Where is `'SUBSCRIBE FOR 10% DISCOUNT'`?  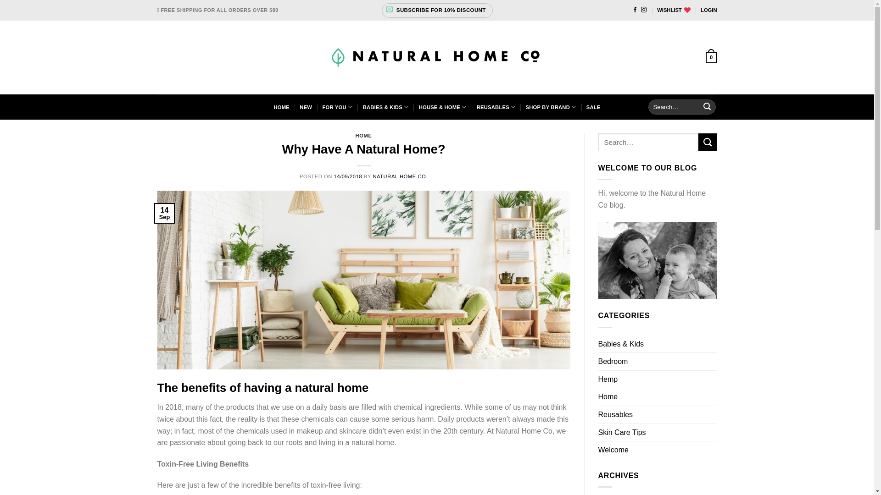
'SUBSCRIBE FOR 10% DISCOUNT' is located at coordinates (437, 10).